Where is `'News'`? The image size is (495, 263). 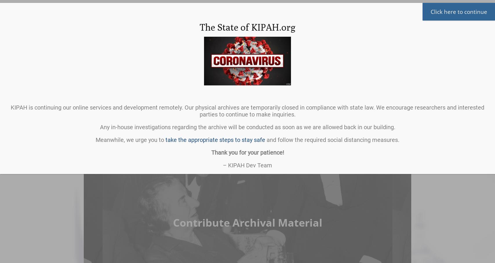 'News' is located at coordinates (278, 108).